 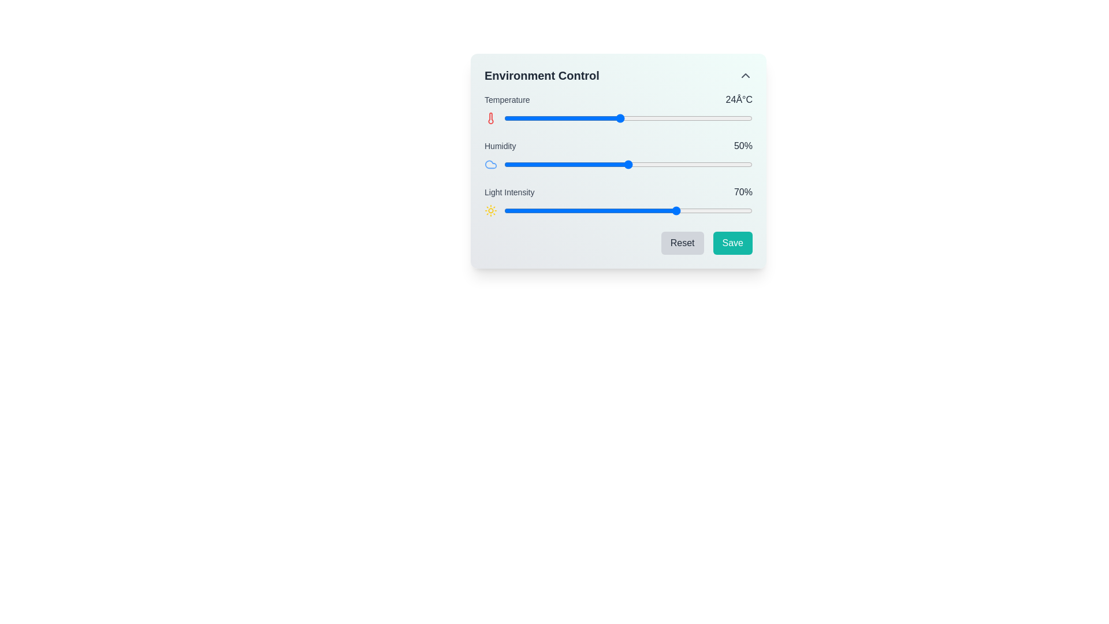 What do you see at coordinates (650, 211) in the screenshot?
I see `the Light Intensity slider` at bounding box center [650, 211].